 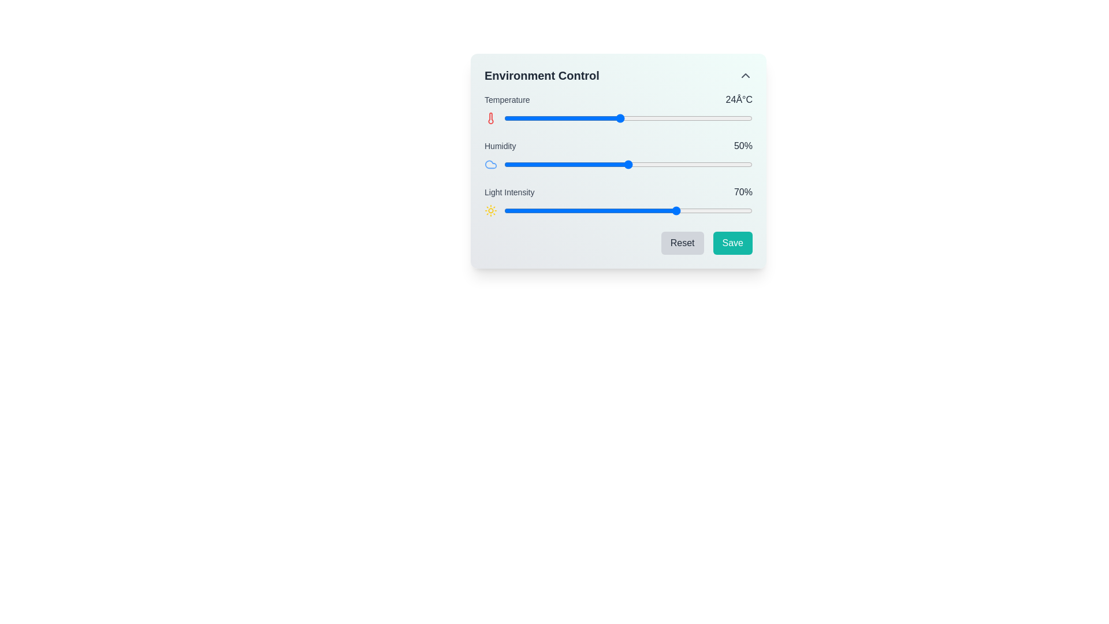 What do you see at coordinates (650, 211) in the screenshot?
I see `the Light Intensity slider` at bounding box center [650, 211].